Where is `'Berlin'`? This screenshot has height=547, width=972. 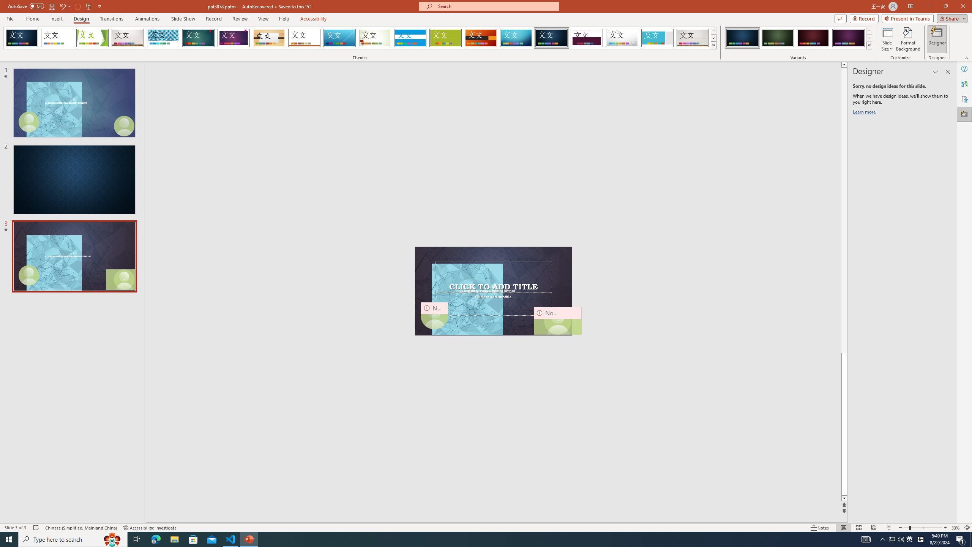 'Berlin' is located at coordinates (481, 38).